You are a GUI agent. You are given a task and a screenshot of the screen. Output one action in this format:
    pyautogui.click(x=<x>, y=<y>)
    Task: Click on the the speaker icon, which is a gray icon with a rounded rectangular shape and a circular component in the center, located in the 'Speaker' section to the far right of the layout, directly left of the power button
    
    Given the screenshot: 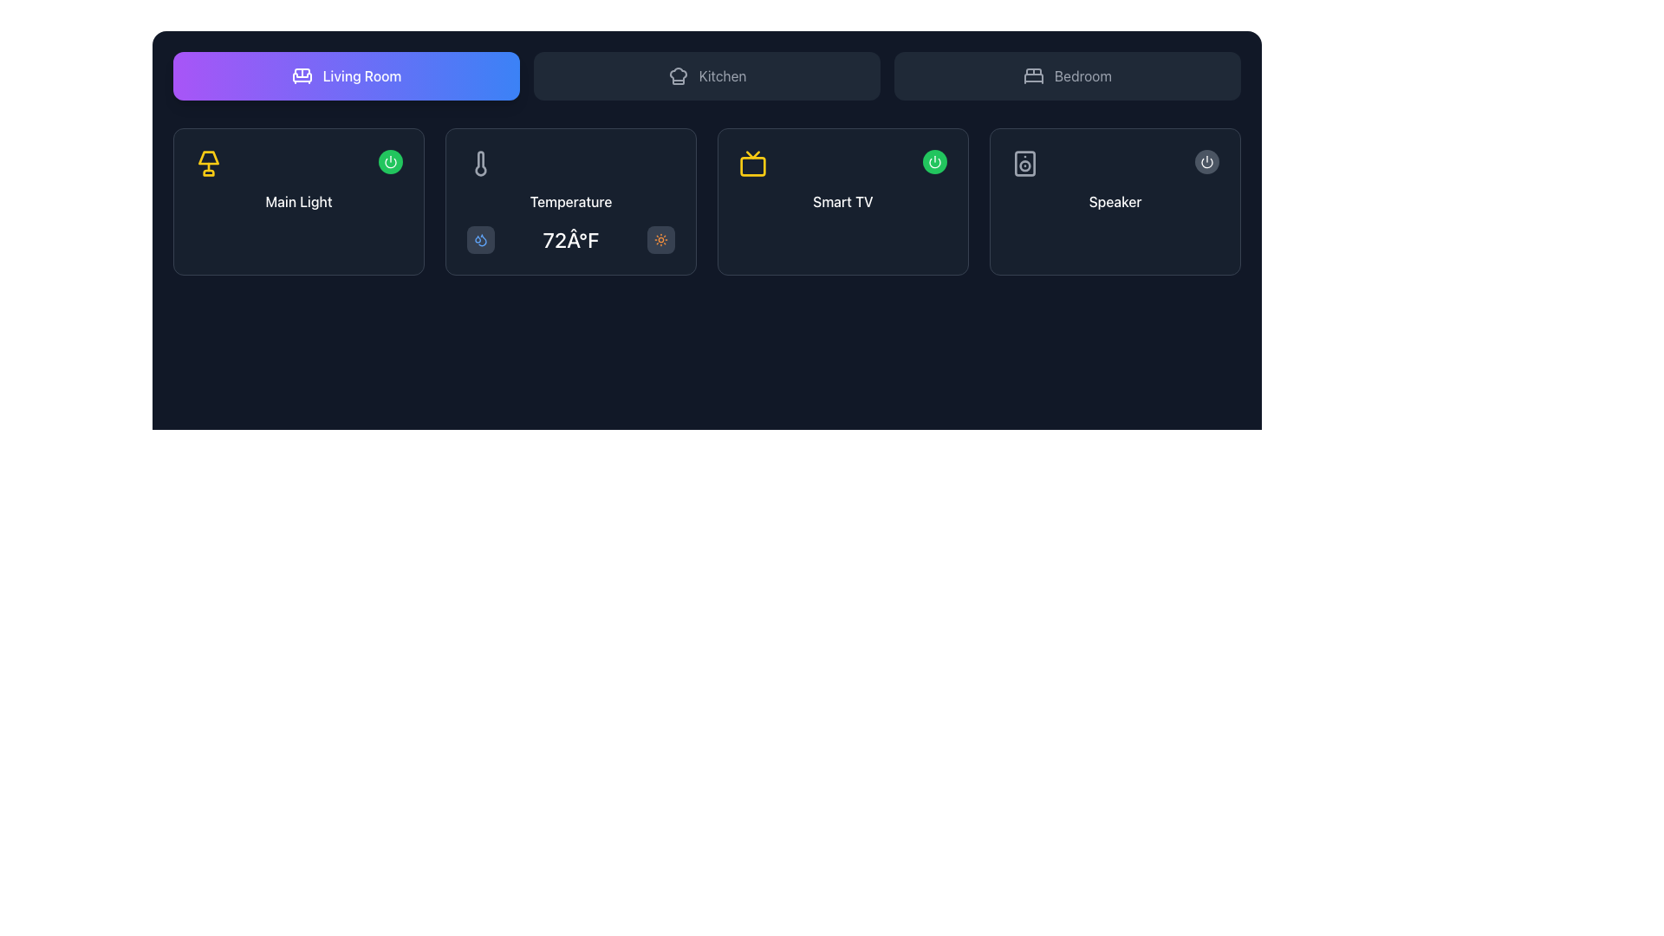 What is the action you would take?
    pyautogui.click(x=1024, y=164)
    